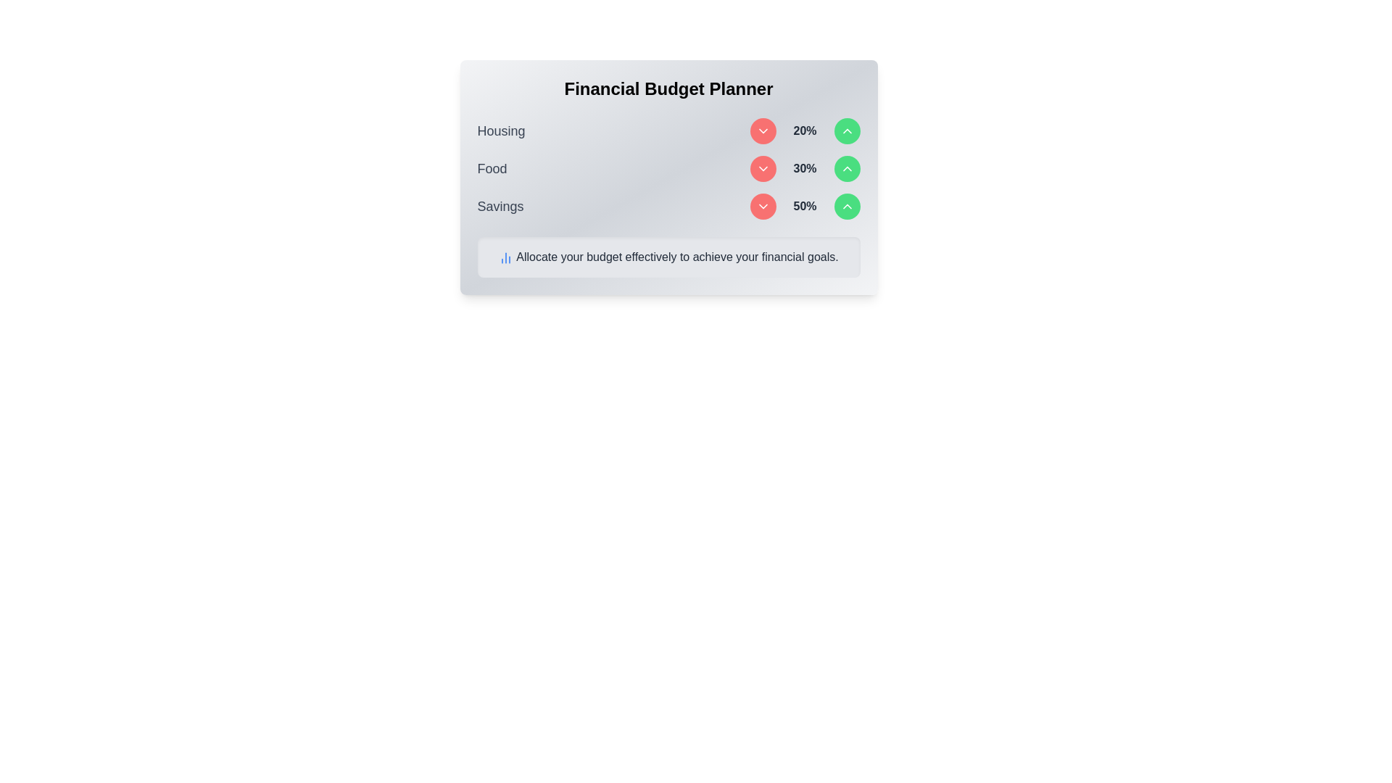 The height and width of the screenshot is (783, 1392). What do you see at coordinates (762, 131) in the screenshot?
I see `the leftmost button in the 'Housing' section of the 'Financial Budget Planner' interface, which has a downward chevron icon and is positioned to the left of the '20%' percentage label` at bounding box center [762, 131].